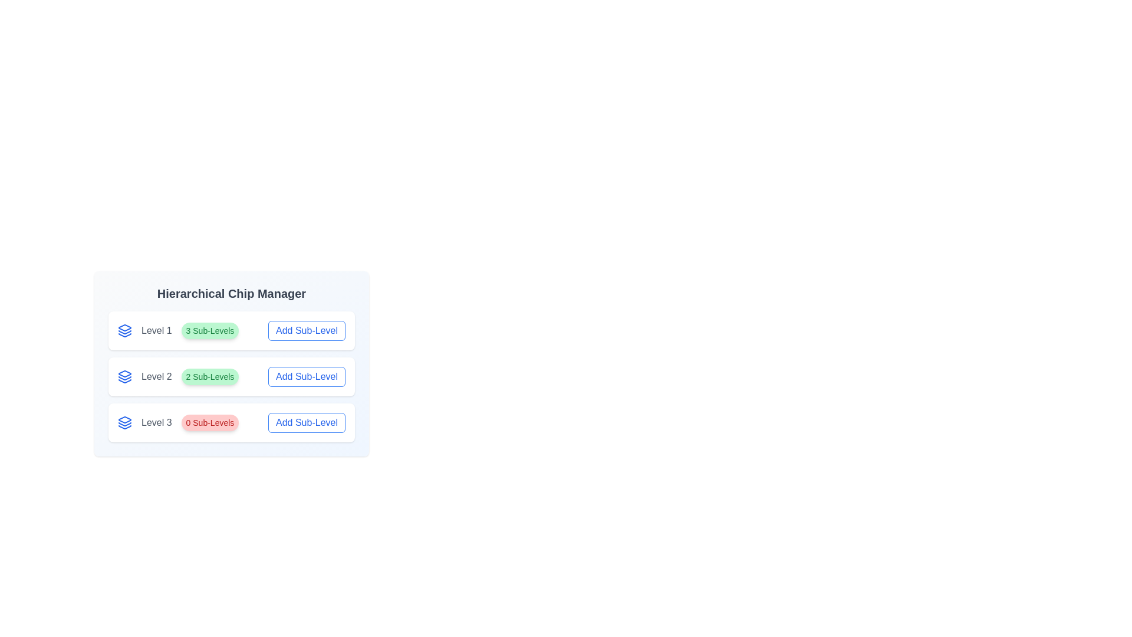  I want to click on 'Add Sub-Level' button for Level 1, so click(307, 330).